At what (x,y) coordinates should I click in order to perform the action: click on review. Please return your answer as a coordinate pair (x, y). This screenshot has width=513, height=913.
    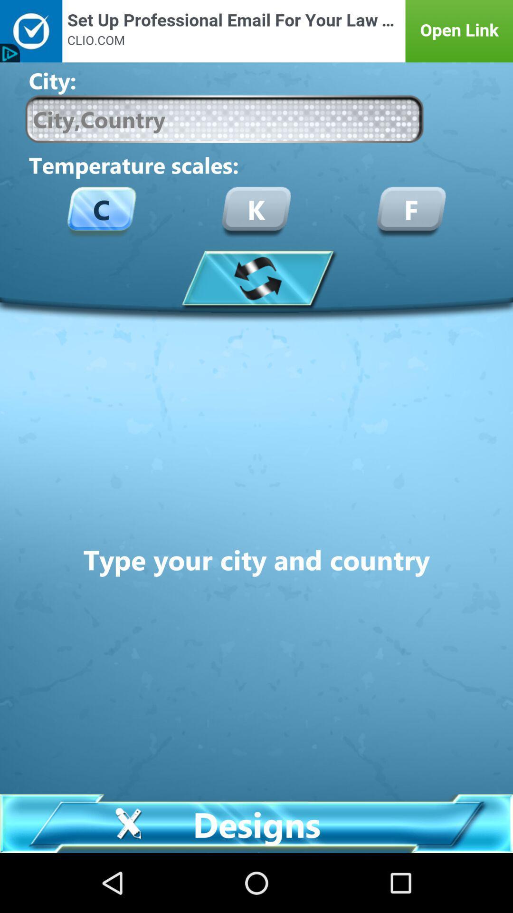
    Looking at the image, I should click on (256, 277).